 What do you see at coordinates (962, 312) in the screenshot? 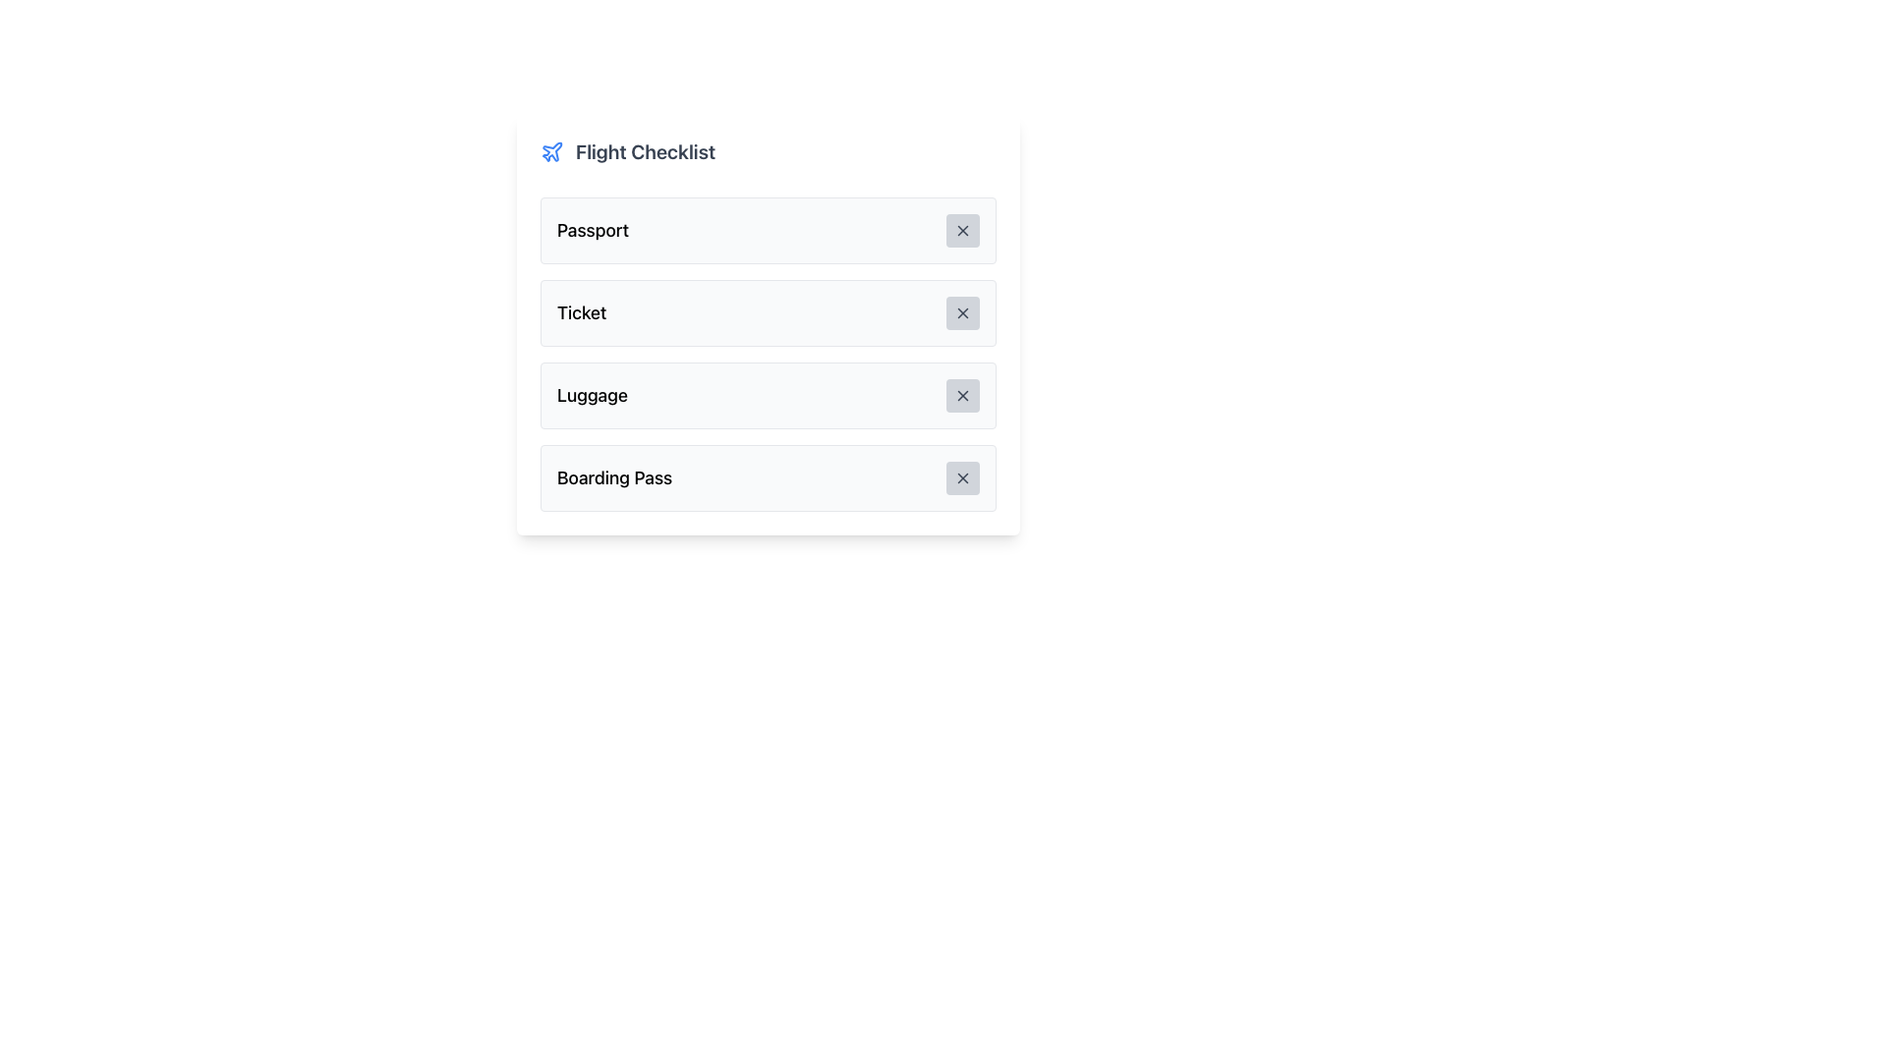
I see `the delete icon located at the far-right of the 'Ticket' row in the 'Flight Checklist' vertical list` at bounding box center [962, 312].